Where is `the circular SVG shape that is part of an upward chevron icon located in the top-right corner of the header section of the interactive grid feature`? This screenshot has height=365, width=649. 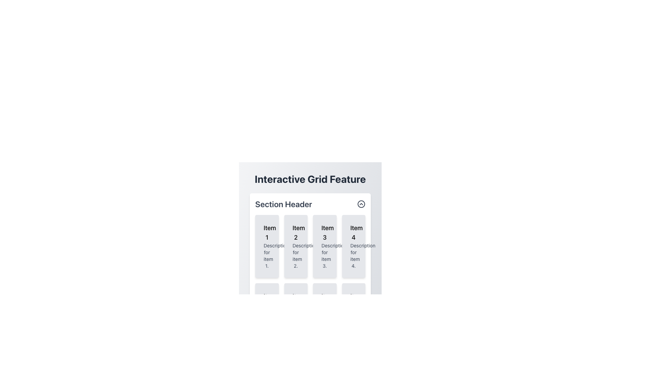
the circular SVG shape that is part of an upward chevron icon located in the top-right corner of the header section of the interactive grid feature is located at coordinates (361, 204).